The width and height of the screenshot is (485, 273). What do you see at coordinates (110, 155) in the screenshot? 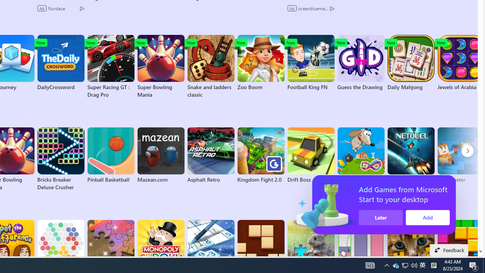
I see `'Pinball Basketball'` at bounding box center [110, 155].